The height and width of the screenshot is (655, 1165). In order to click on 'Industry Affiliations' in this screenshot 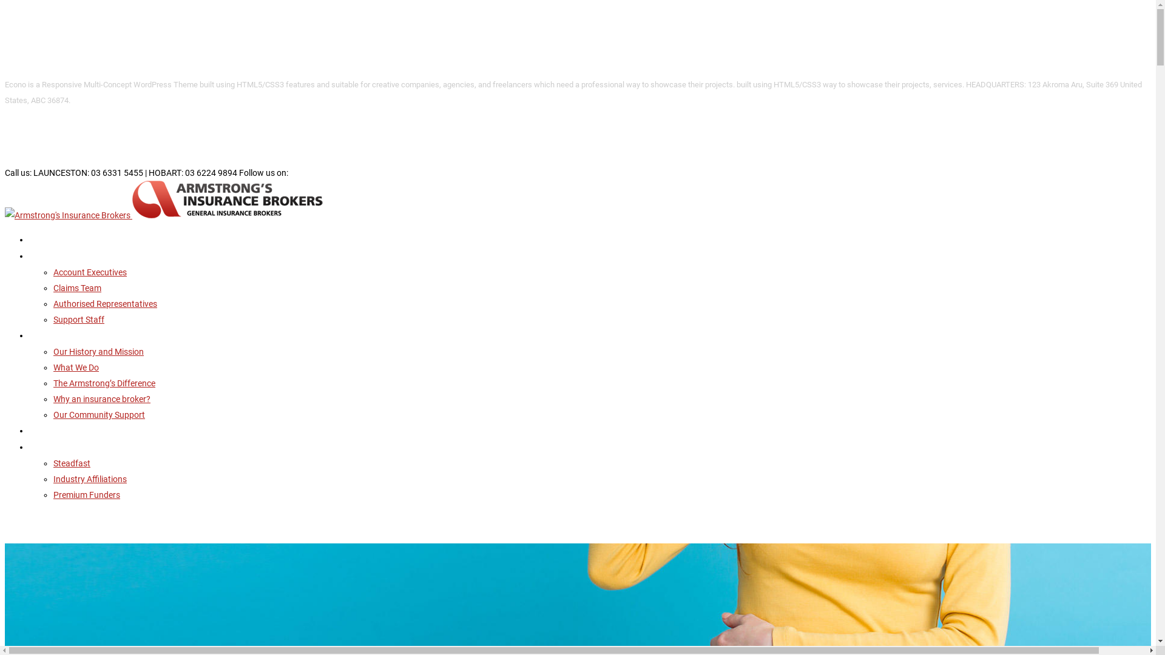, I will do `click(89, 479)`.